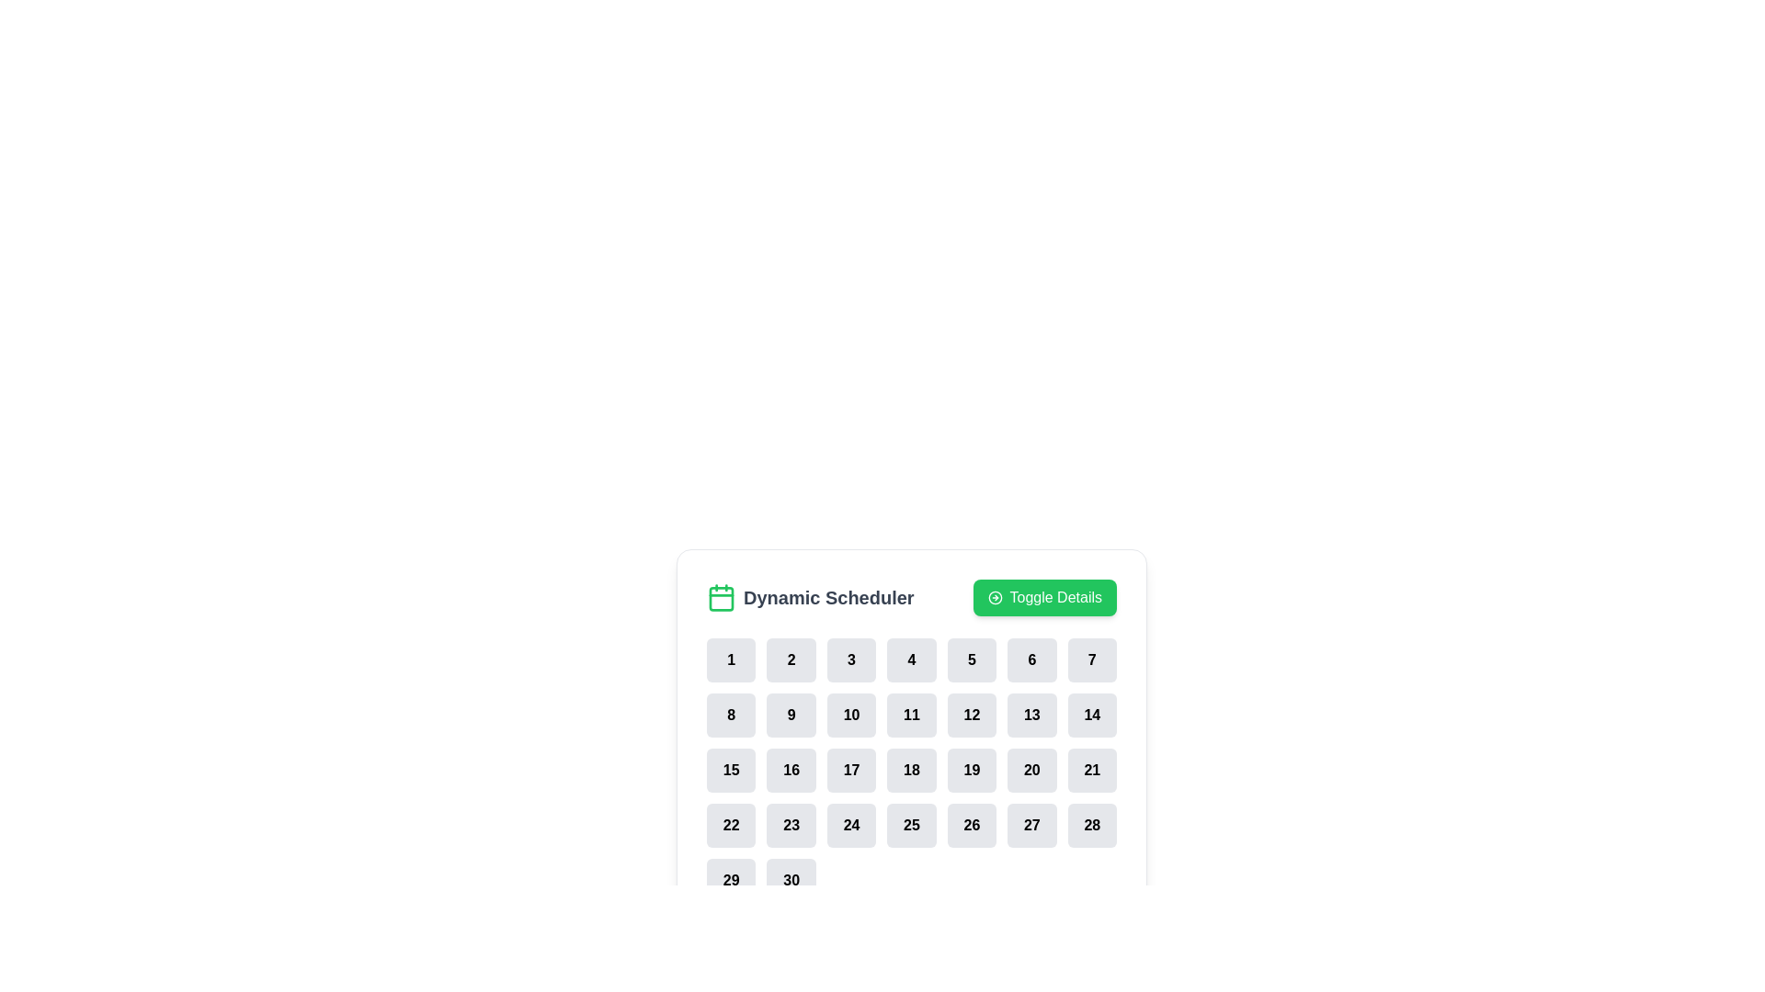 The width and height of the screenshot is (1765, 992). What do you see at coordinates (791, 824) in the screenshot?
I see `the button representing the 23rd selectable item in the dynamic schedule located in the fourth row and second column of the grid to change its background color` at bounding box center [791, 824].